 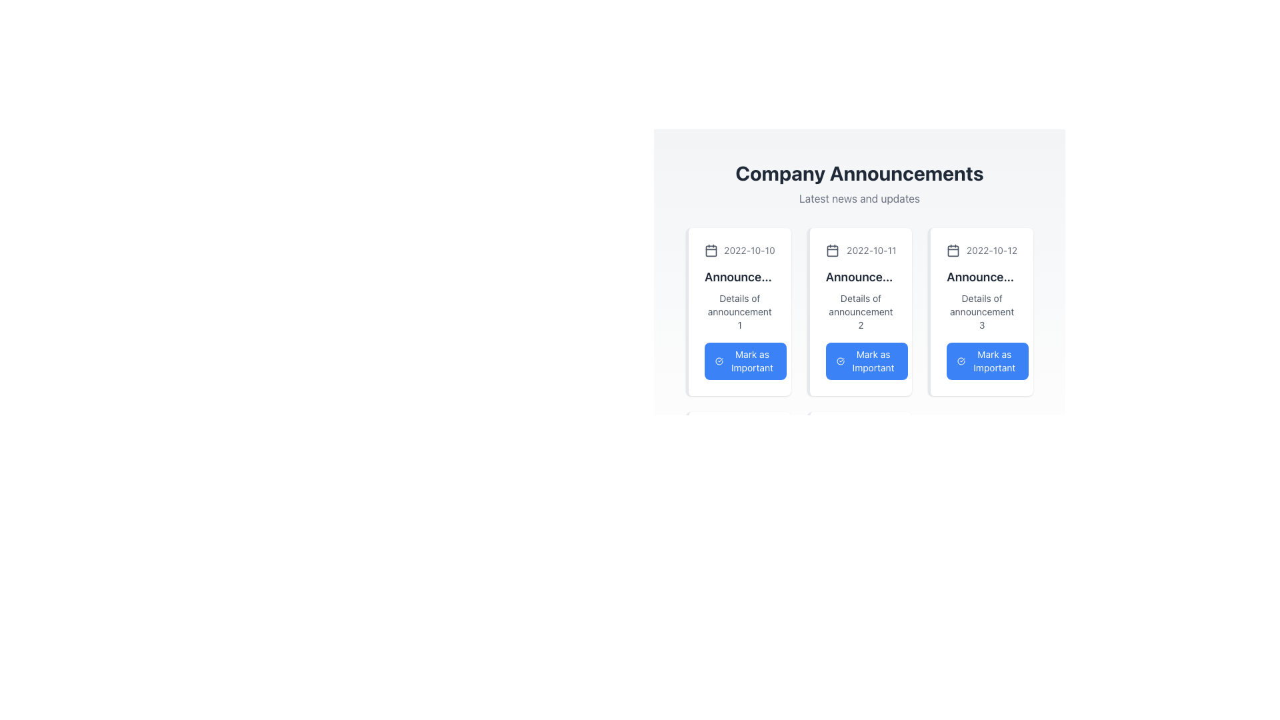 I want to click on text content of the title Text Label located in the second announcement card, positioned below the date '2022-10-11' and above the description 'Details of announcement 2', so click(x=861, y=277).